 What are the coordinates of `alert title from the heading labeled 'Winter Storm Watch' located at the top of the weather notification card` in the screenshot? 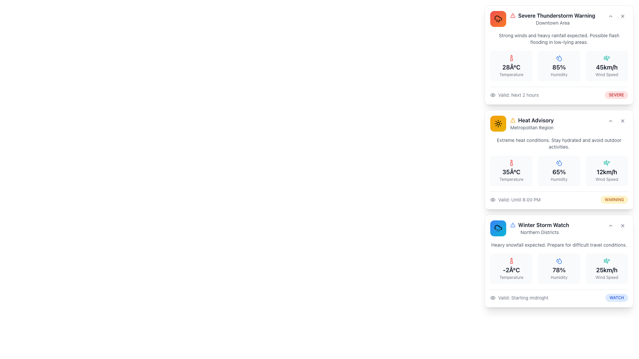 It's located at (539, 225).